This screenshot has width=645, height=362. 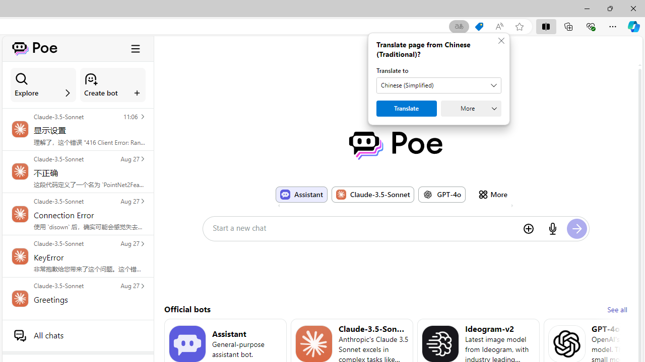 What do you see at coordinates (616, 309) in the screenshot?
I see `'See all'` at bounding box center [616, 309].